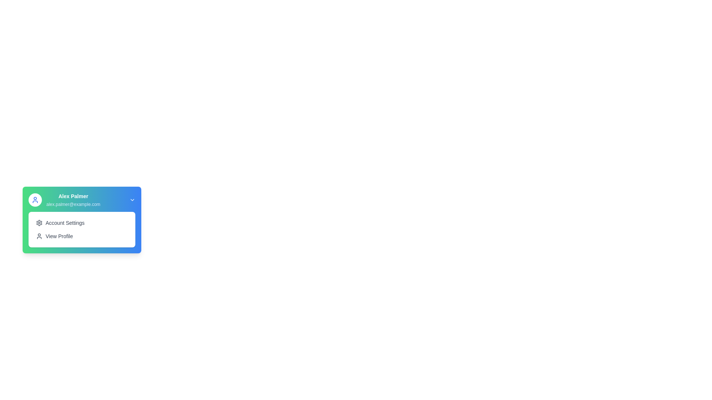 Image resolution: width=712 pixels, height=400 pixels. Describe the element at coordinates (59, 236) in the screenshot. I see `the 'View Profile' text label, which is a smaller gray font item in the dropdown menu of user options, positioned below 'Account Settings'` at that location.